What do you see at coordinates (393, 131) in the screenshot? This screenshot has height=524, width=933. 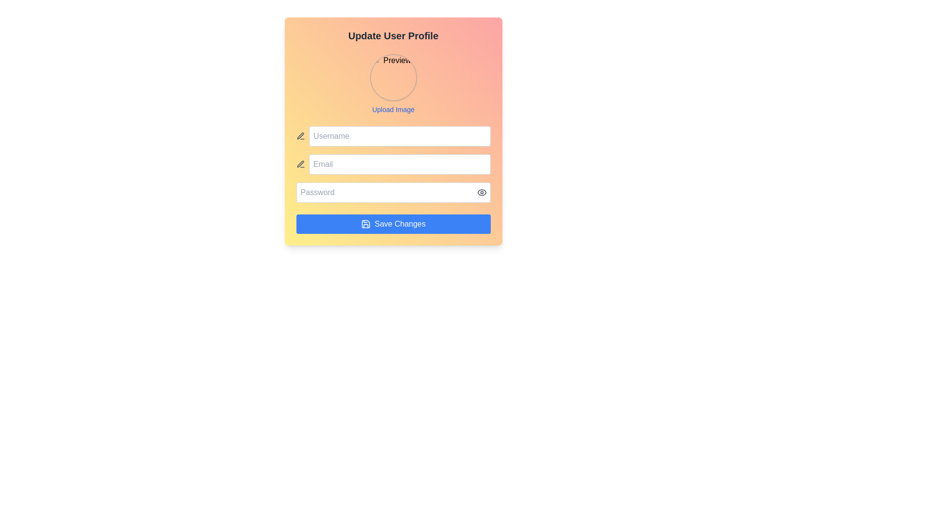 I see `the Text Input Field for 'Username' located below 'Upload Image'` at bounding box center [393, 131].